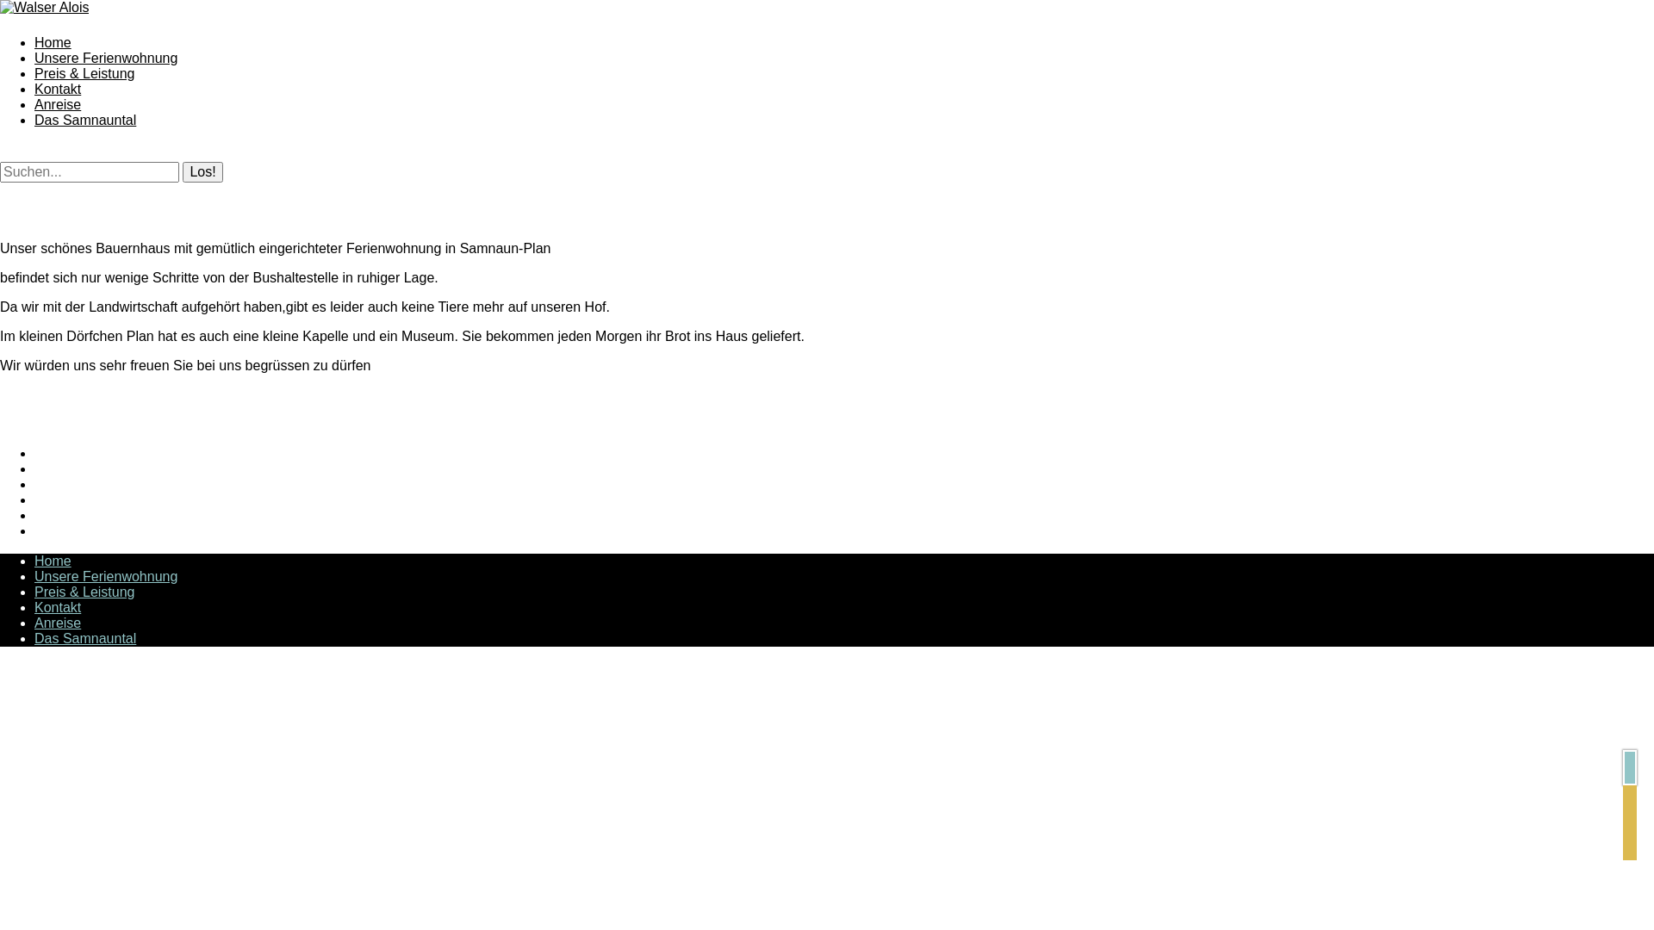 Image resolution: width=1654 pixels, height=930 pixels. What do you see at coordinates (1628, 821) in the screenshot?
I see `'Auf der Karte anzeigen'` at bounding box center [1628, 821].